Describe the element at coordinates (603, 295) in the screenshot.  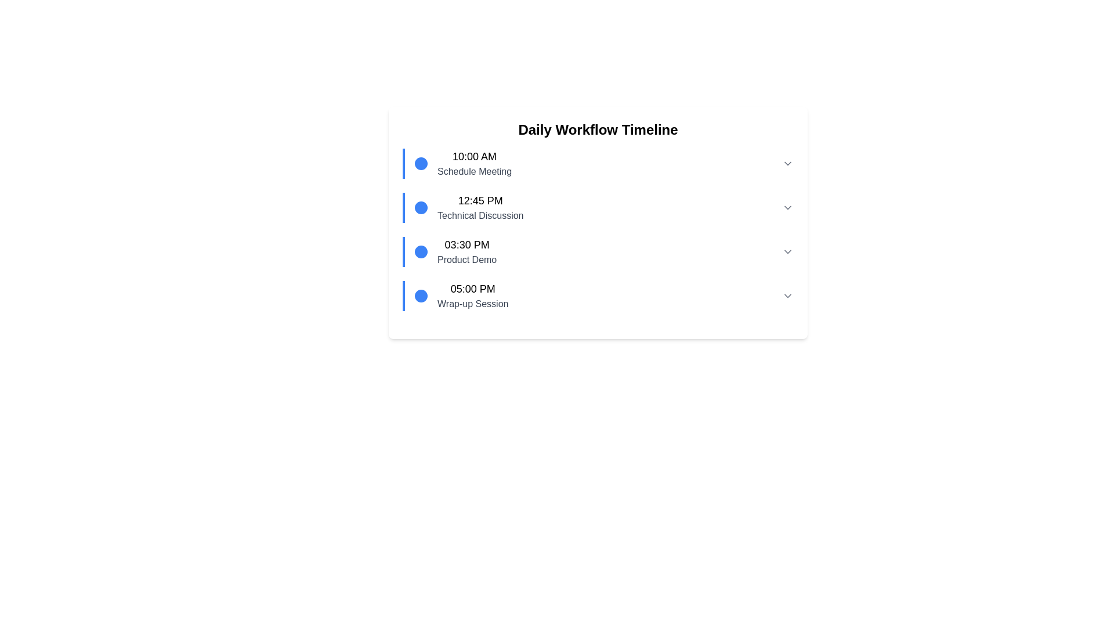
I see `the fourth list item in the vertical timeline that represents a specific event, located beneath the '03:30 PM Product Demo'` at that location.